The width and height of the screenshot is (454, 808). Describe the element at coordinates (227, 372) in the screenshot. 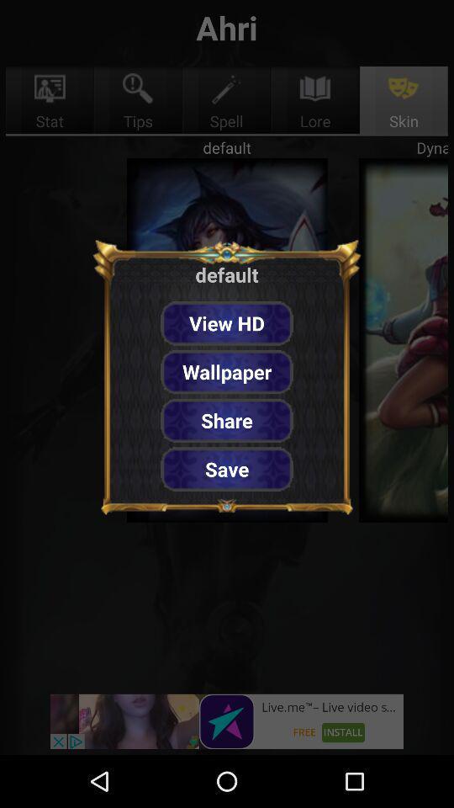

I see `the wallpaper item` at that location.